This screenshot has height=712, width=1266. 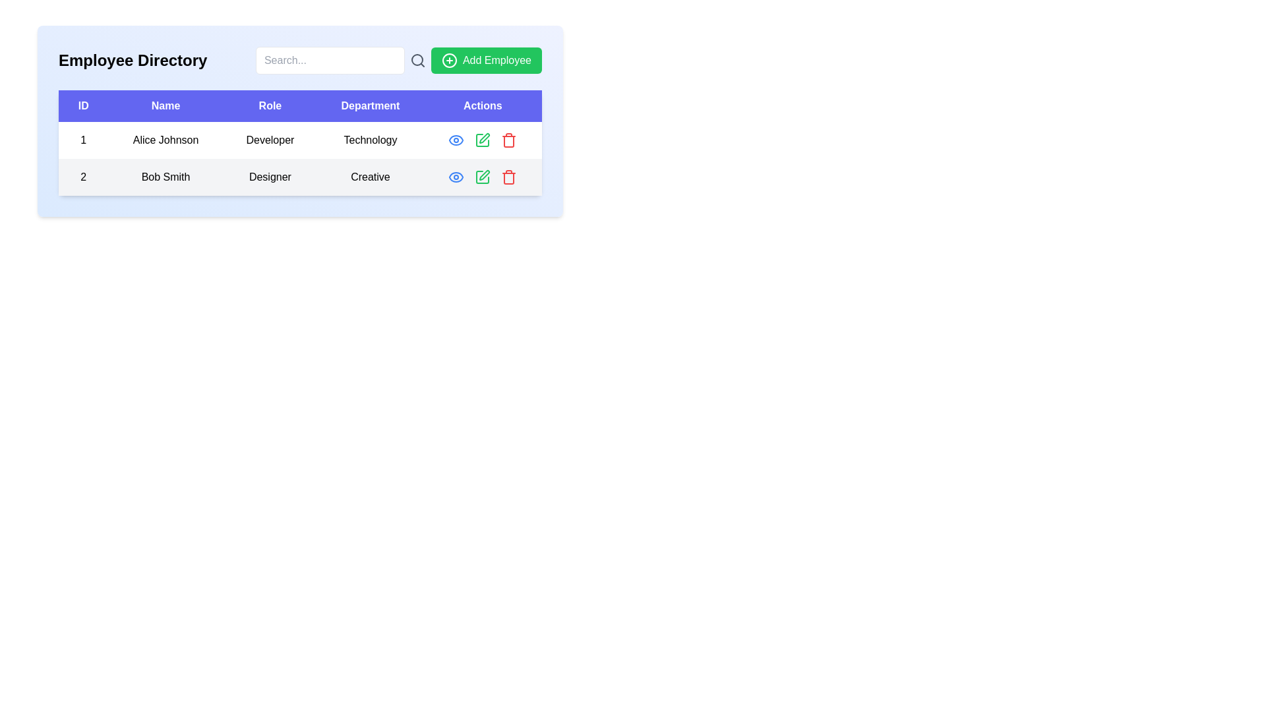 I want to click on the text label displaying the employee name 'Bob Smith' in the second row of the 'Employee Directory' table, located between the 'ID' field and the 'Role' field, so click(x=165, y=177).